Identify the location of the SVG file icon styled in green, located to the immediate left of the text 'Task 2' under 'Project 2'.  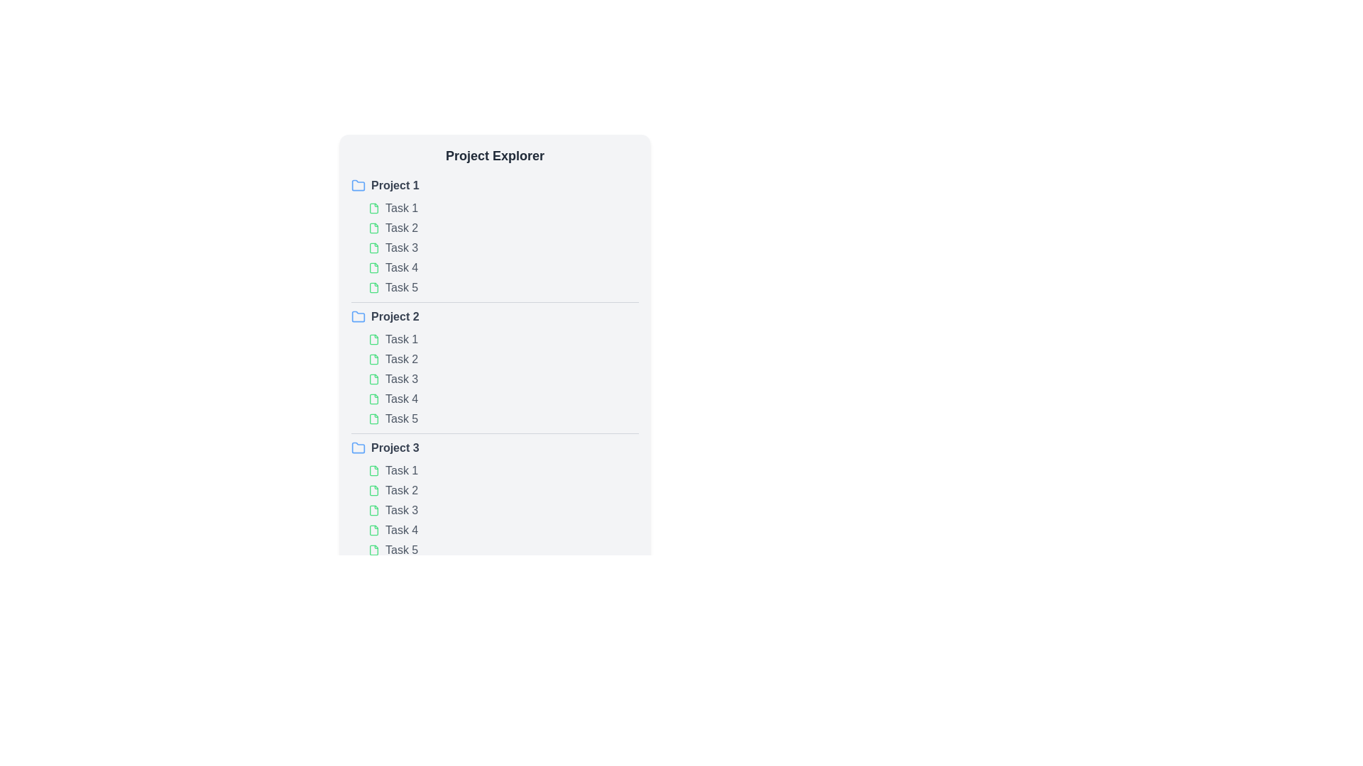
(374, 358).